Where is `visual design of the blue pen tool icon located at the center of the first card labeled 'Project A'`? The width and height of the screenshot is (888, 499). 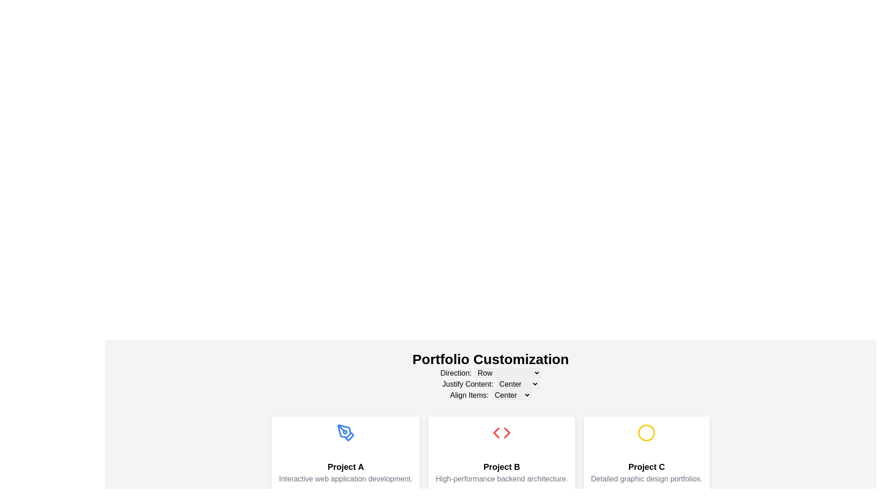
visual design of the blue pen tool icon located at the center of the first card labeled 'Project A' is located at coordinates (345, 433).